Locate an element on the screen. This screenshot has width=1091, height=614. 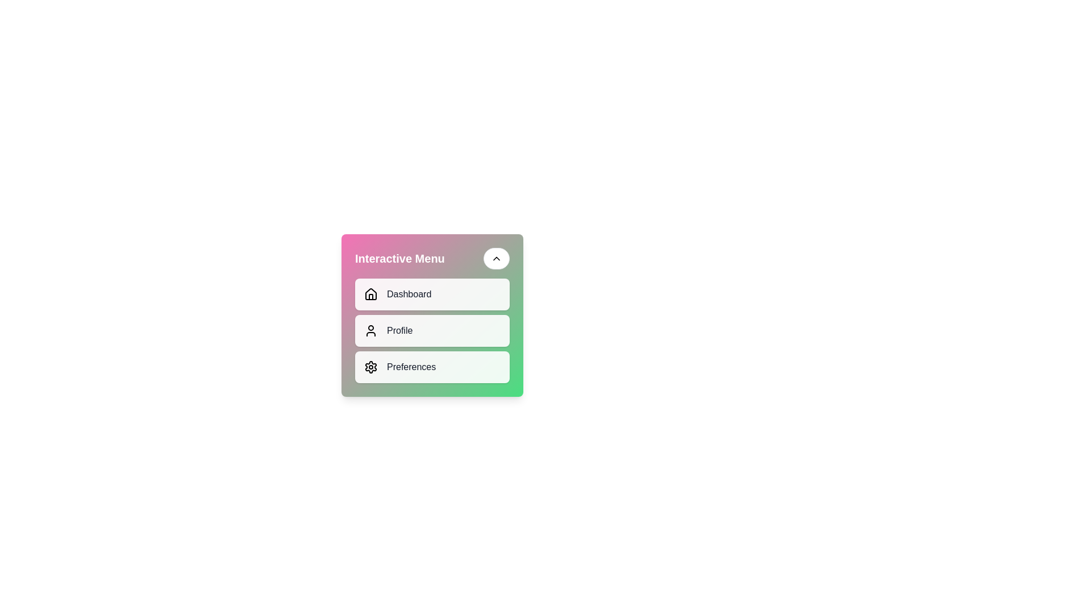
the Dashboard icon (representing a house) in the sidebar menu is located at coordinates (370, 293).